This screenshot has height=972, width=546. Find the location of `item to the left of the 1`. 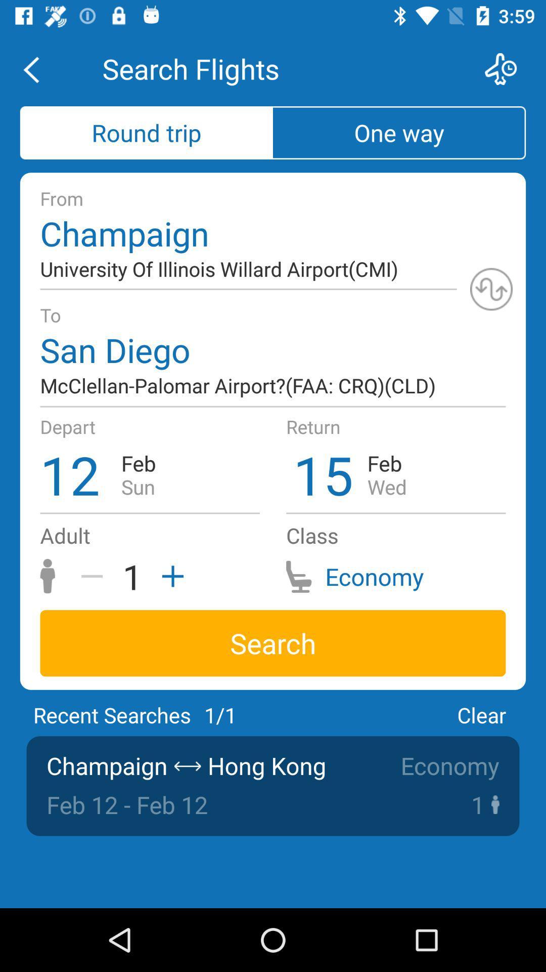

item to the left of the 1 is located at coordinates (96, 576).